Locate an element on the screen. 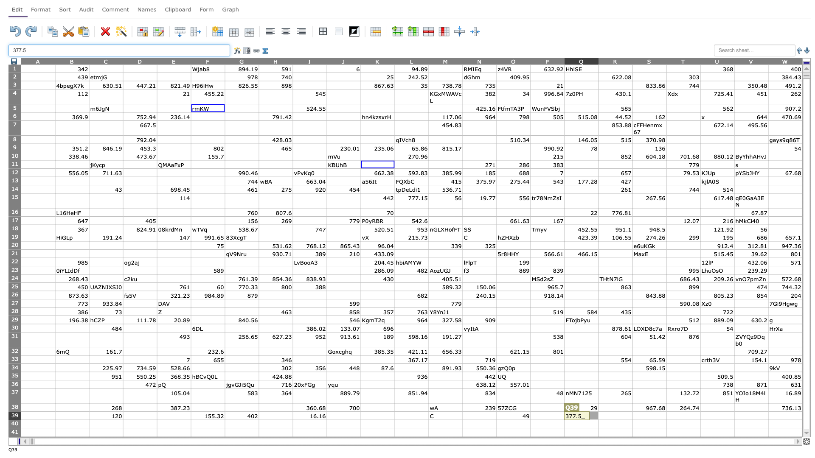  left edge of cell U39 is located at coordinates (700, 415).